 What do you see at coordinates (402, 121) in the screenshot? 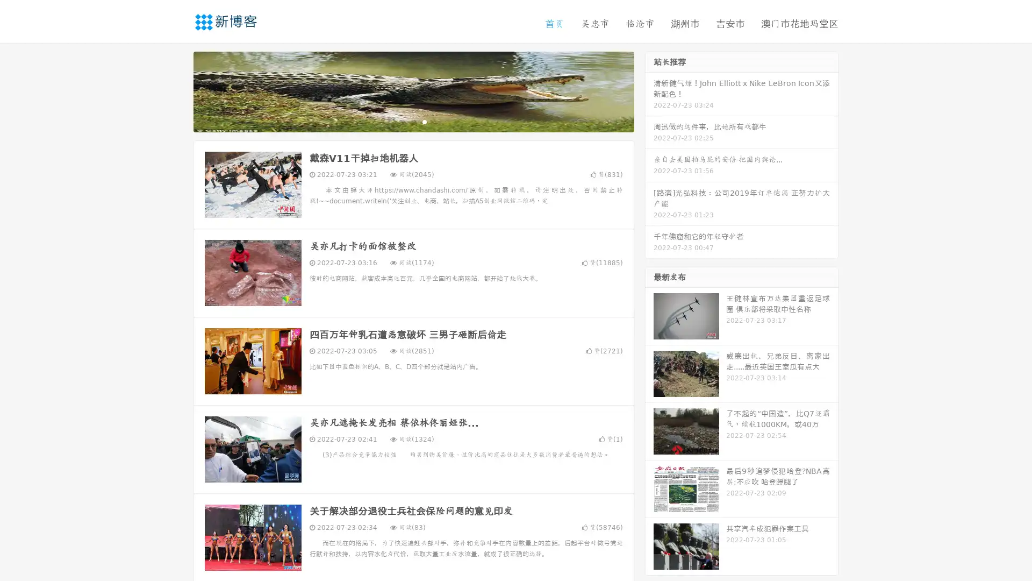
I see `Go to slide 1` at bounding box center [402, 121].